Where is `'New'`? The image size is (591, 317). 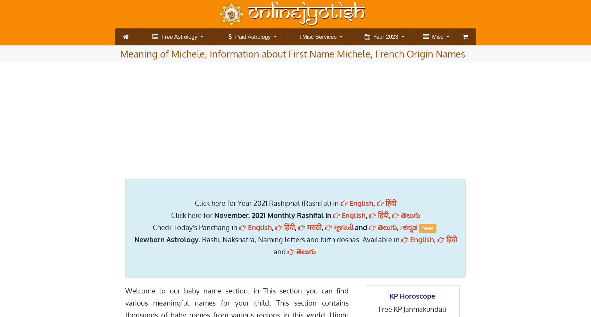
'New' is located at coordinates (428, 228).